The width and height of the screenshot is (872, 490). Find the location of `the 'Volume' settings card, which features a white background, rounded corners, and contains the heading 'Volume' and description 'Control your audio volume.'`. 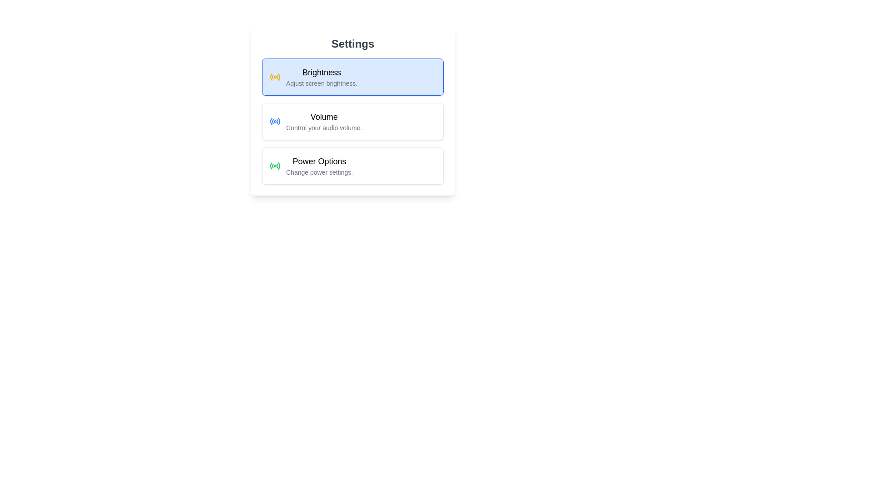

the 'Volume' settings card, which features a white background, rounded corners, and contains the heading 'Volume' and description 'Control your audio volume.' is located at coordinates (352, 121).